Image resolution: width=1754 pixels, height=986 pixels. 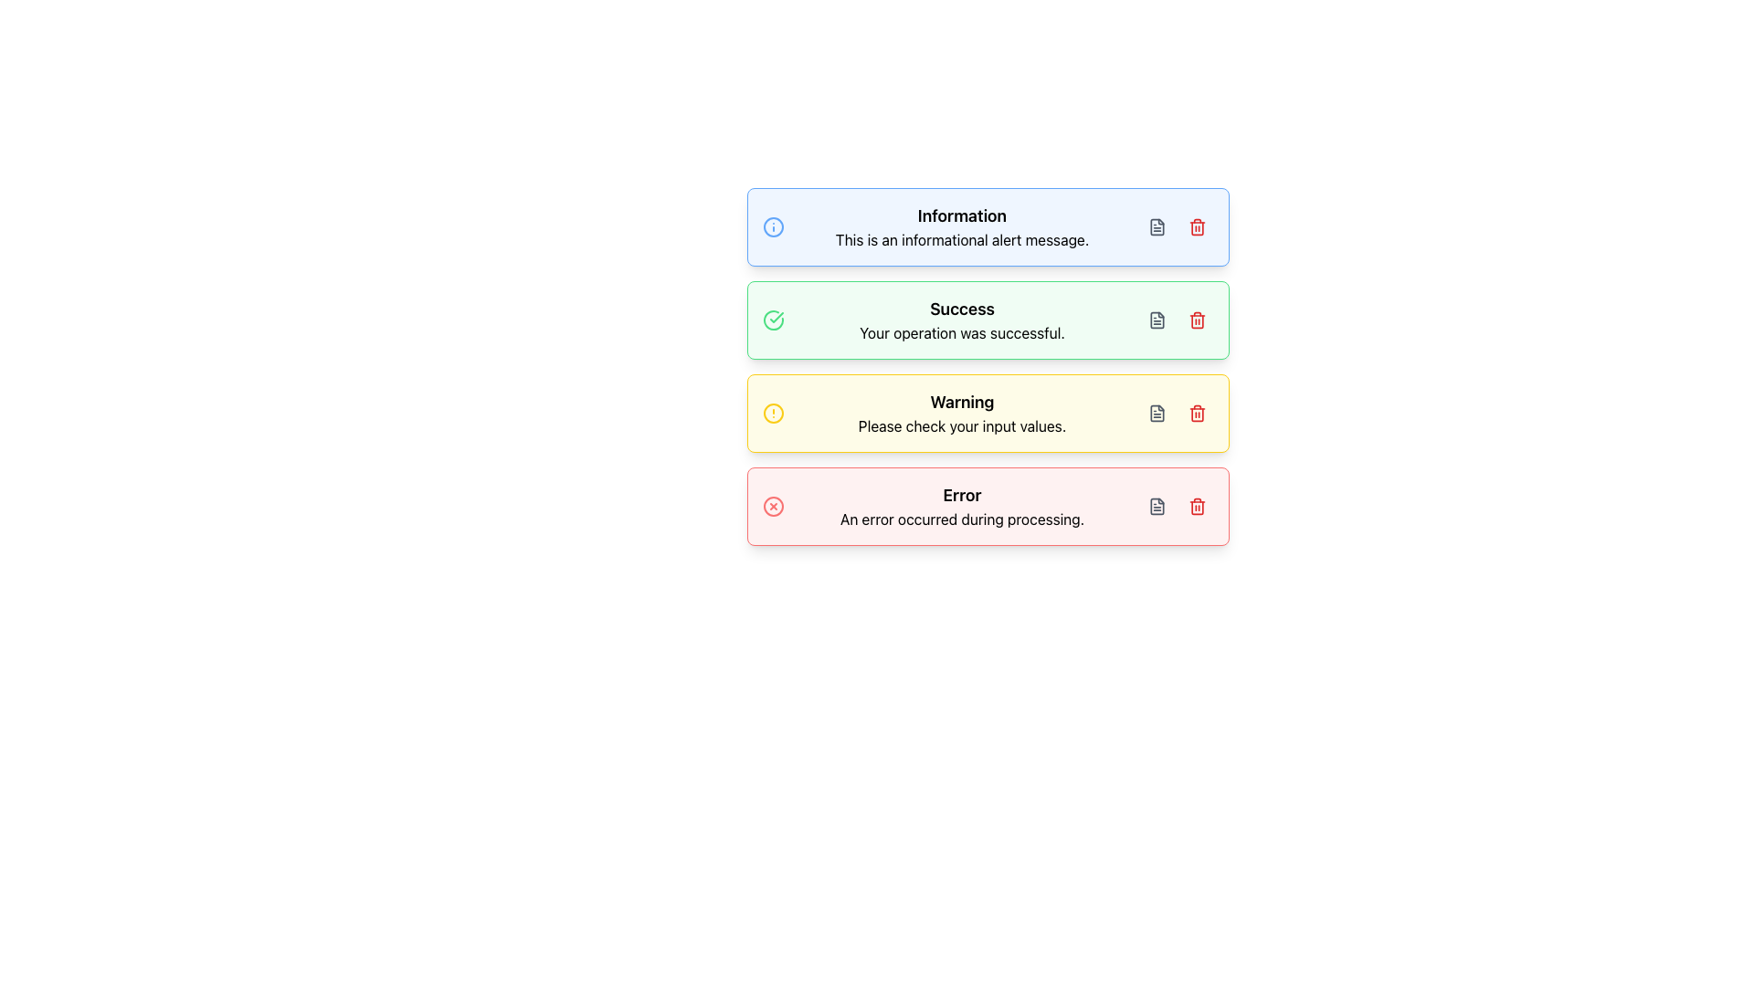 I want to click on the warning message text-based UI component that prompts the user to verify input values, located between the 'Success' and 'Error' panels in the third alert message panel, so click(x=961, y=413).